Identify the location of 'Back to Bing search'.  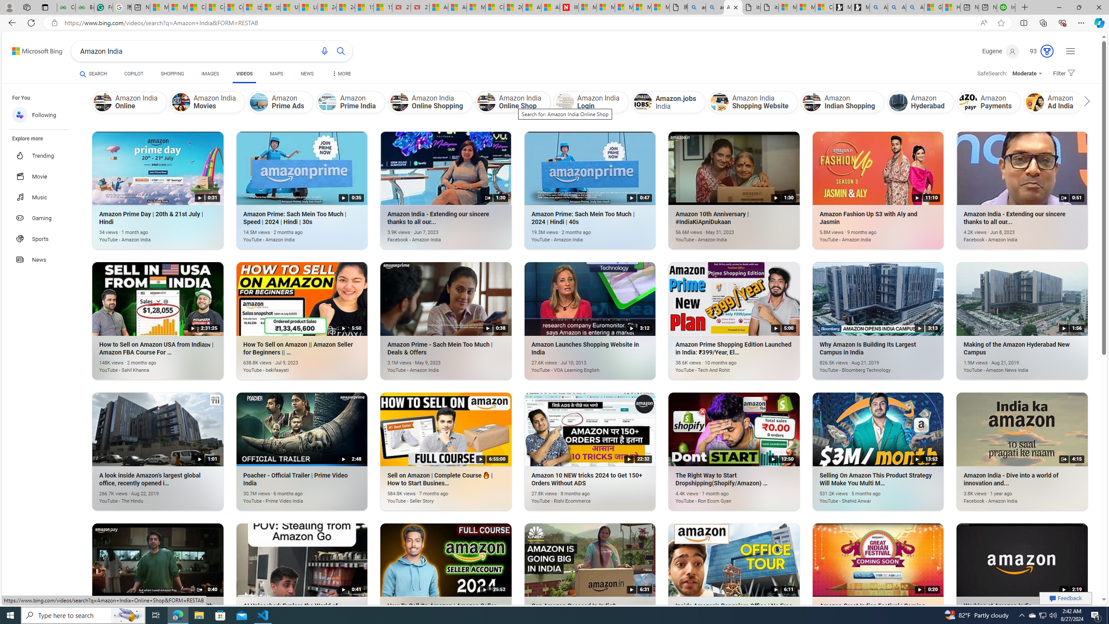
(32, 49).